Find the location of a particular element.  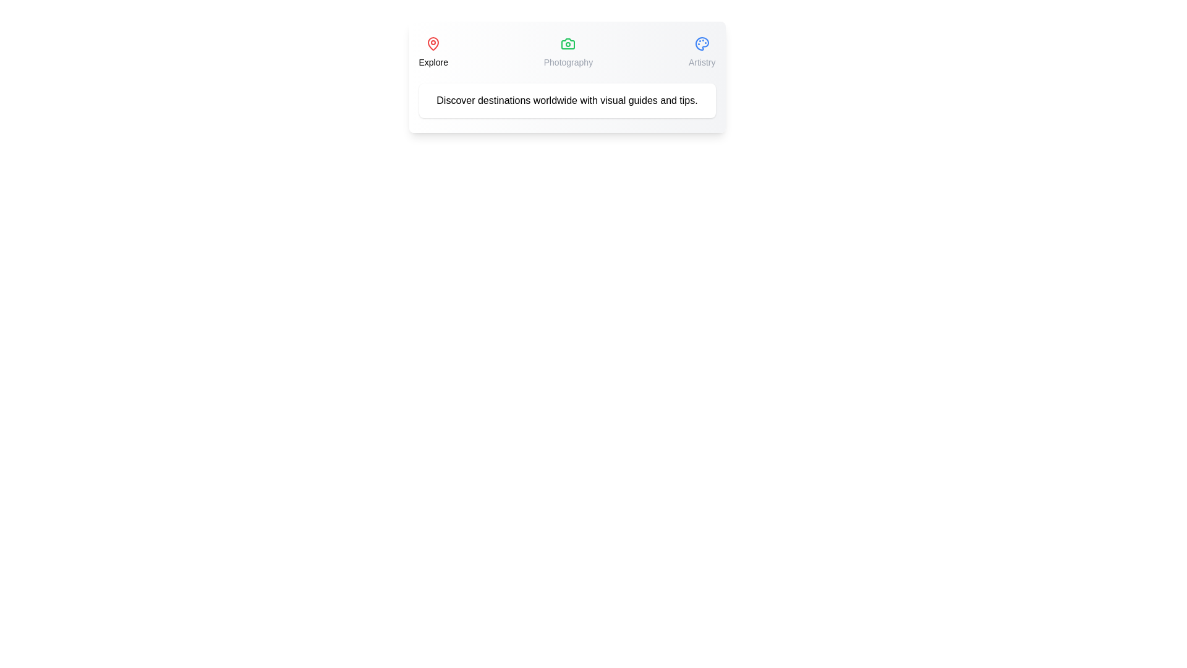

the tab labeled Explore to trigger its hover interaction is located at coordinates (433, 51).